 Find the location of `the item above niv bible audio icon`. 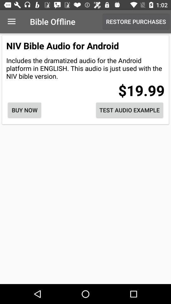

the item above niv bible audio icon is located at coordinates (11, 22).